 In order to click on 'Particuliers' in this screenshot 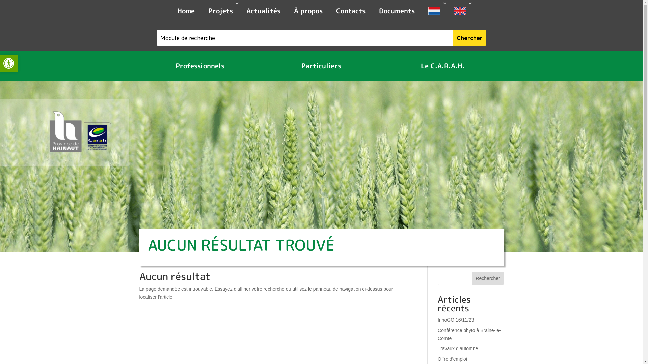, I will do `click(321, 66)`.